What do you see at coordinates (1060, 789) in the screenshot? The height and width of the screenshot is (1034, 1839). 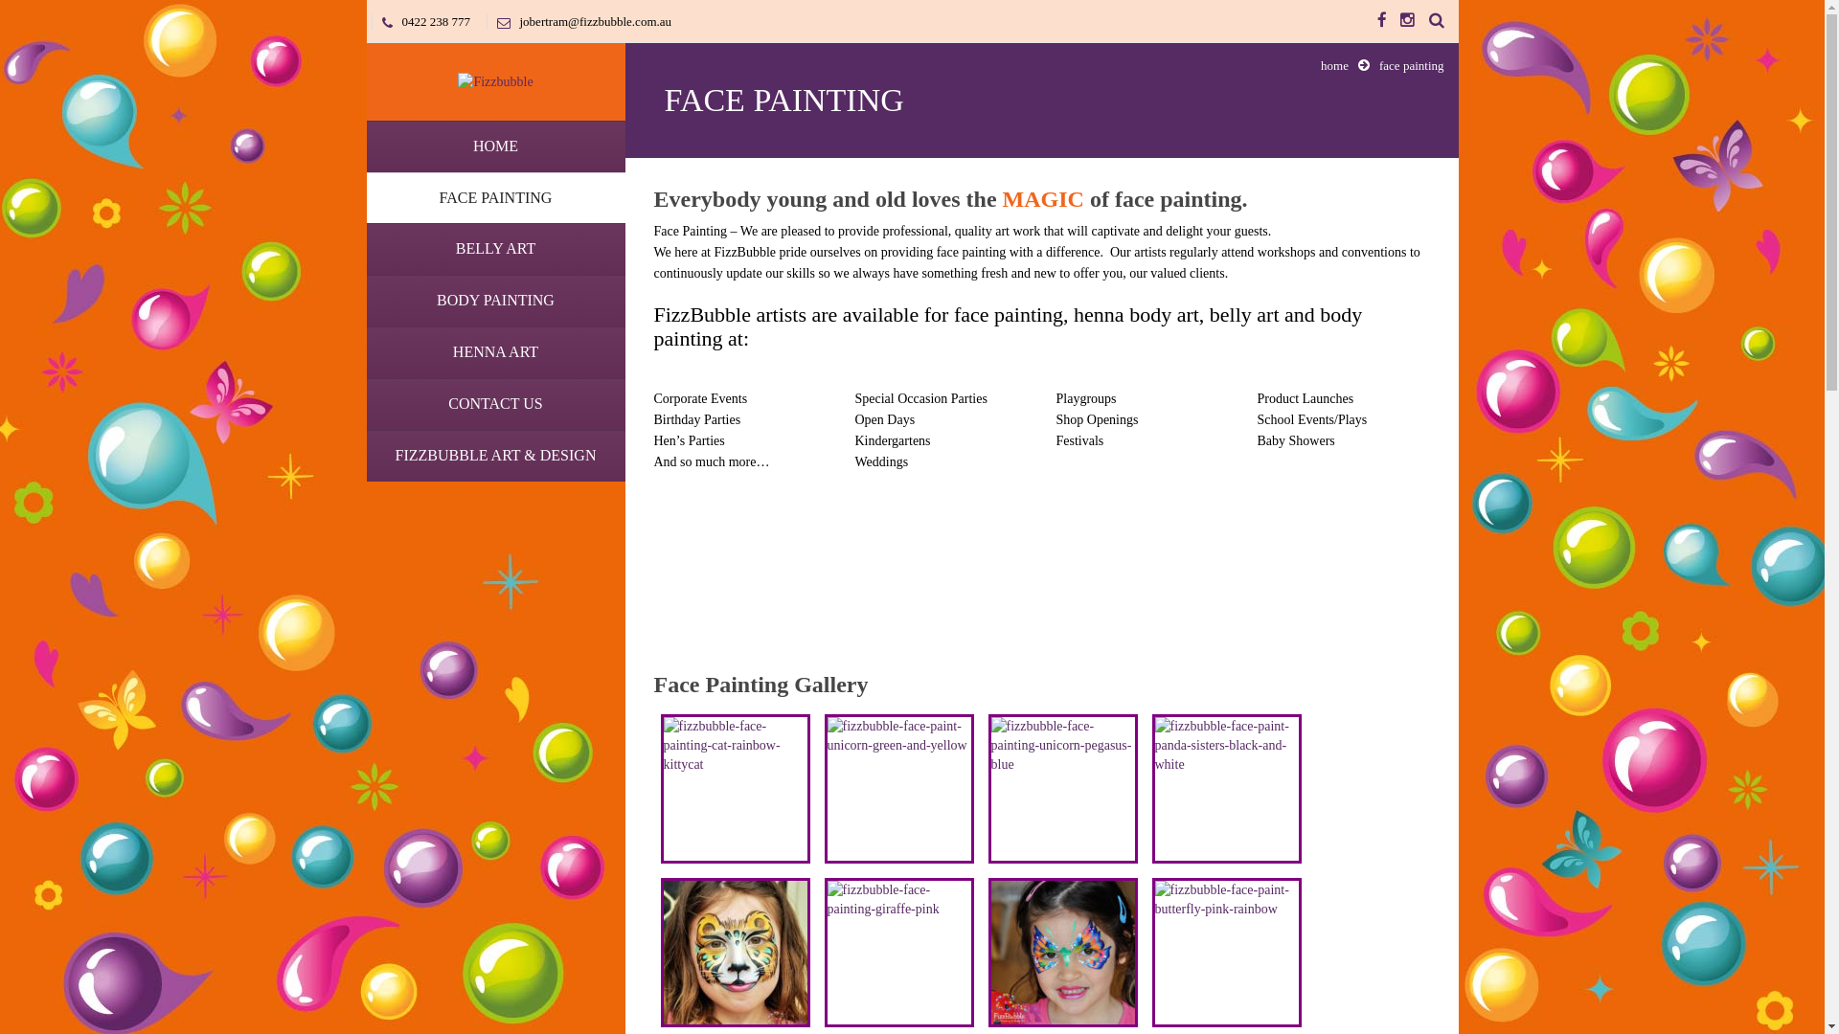 I see `'fizzbubble-face-painting-unicorn-pegasus-blue'` at bounding box center [1060, 789].